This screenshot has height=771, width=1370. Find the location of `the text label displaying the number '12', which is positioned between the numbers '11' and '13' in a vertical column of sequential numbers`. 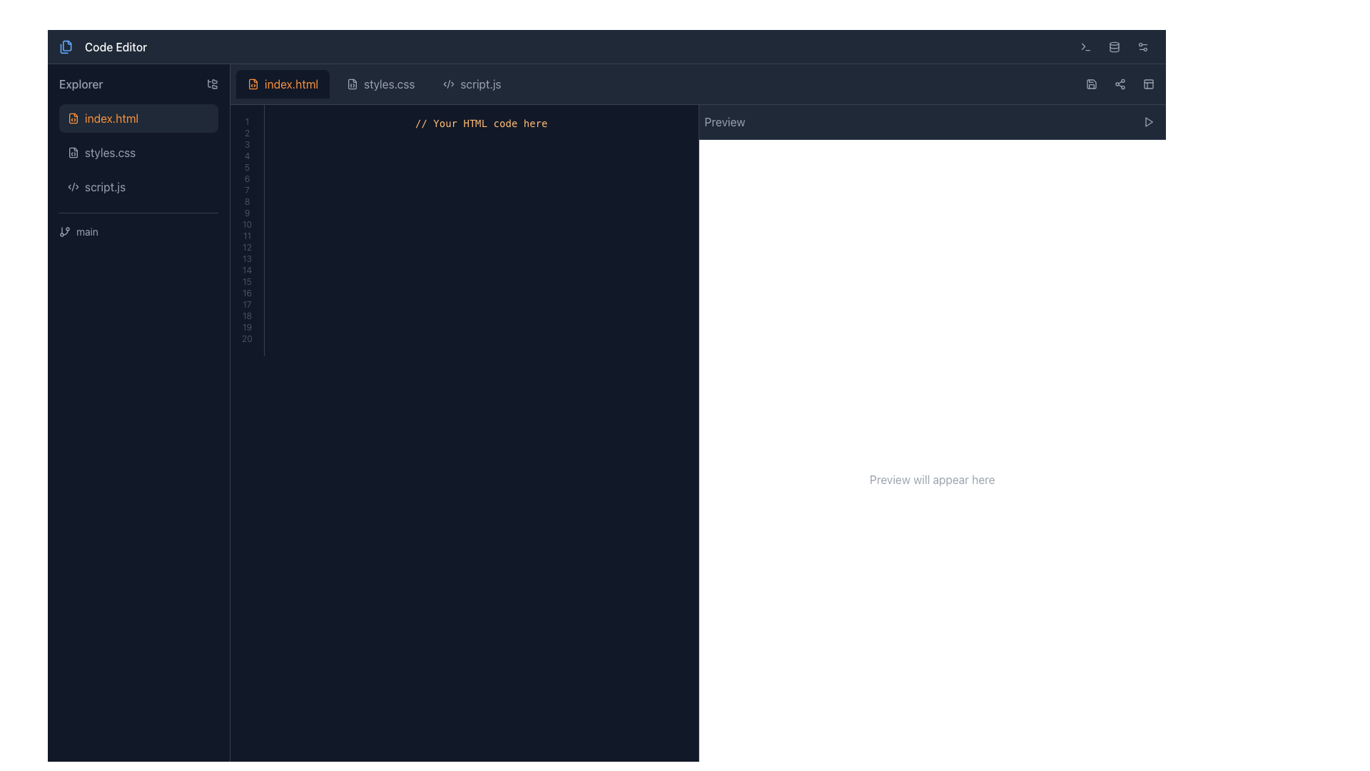

the text label displaying the number '12', which is positioned between the numbers '11' and '13' in a vertical column of sequential numbers is located at coordinates (247, 247).